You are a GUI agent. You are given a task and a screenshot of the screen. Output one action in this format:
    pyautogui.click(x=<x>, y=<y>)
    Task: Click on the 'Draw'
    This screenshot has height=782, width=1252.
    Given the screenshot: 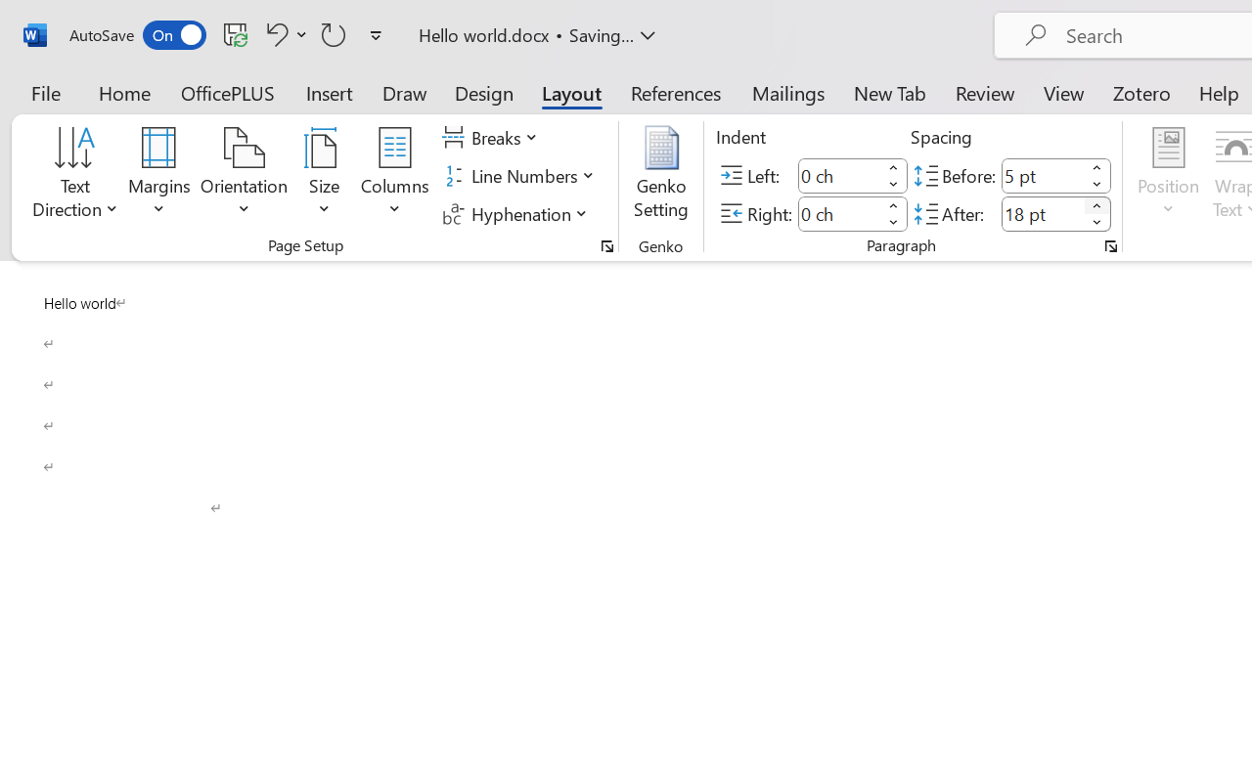 What is the action you would take?
    pyautogui.click(x=404, y=92)
    